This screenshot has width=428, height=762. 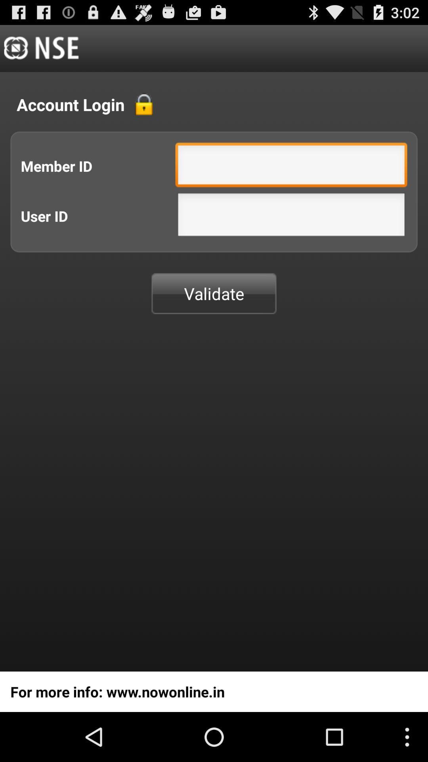 I want to click on user id, so click(x=291, y=217).